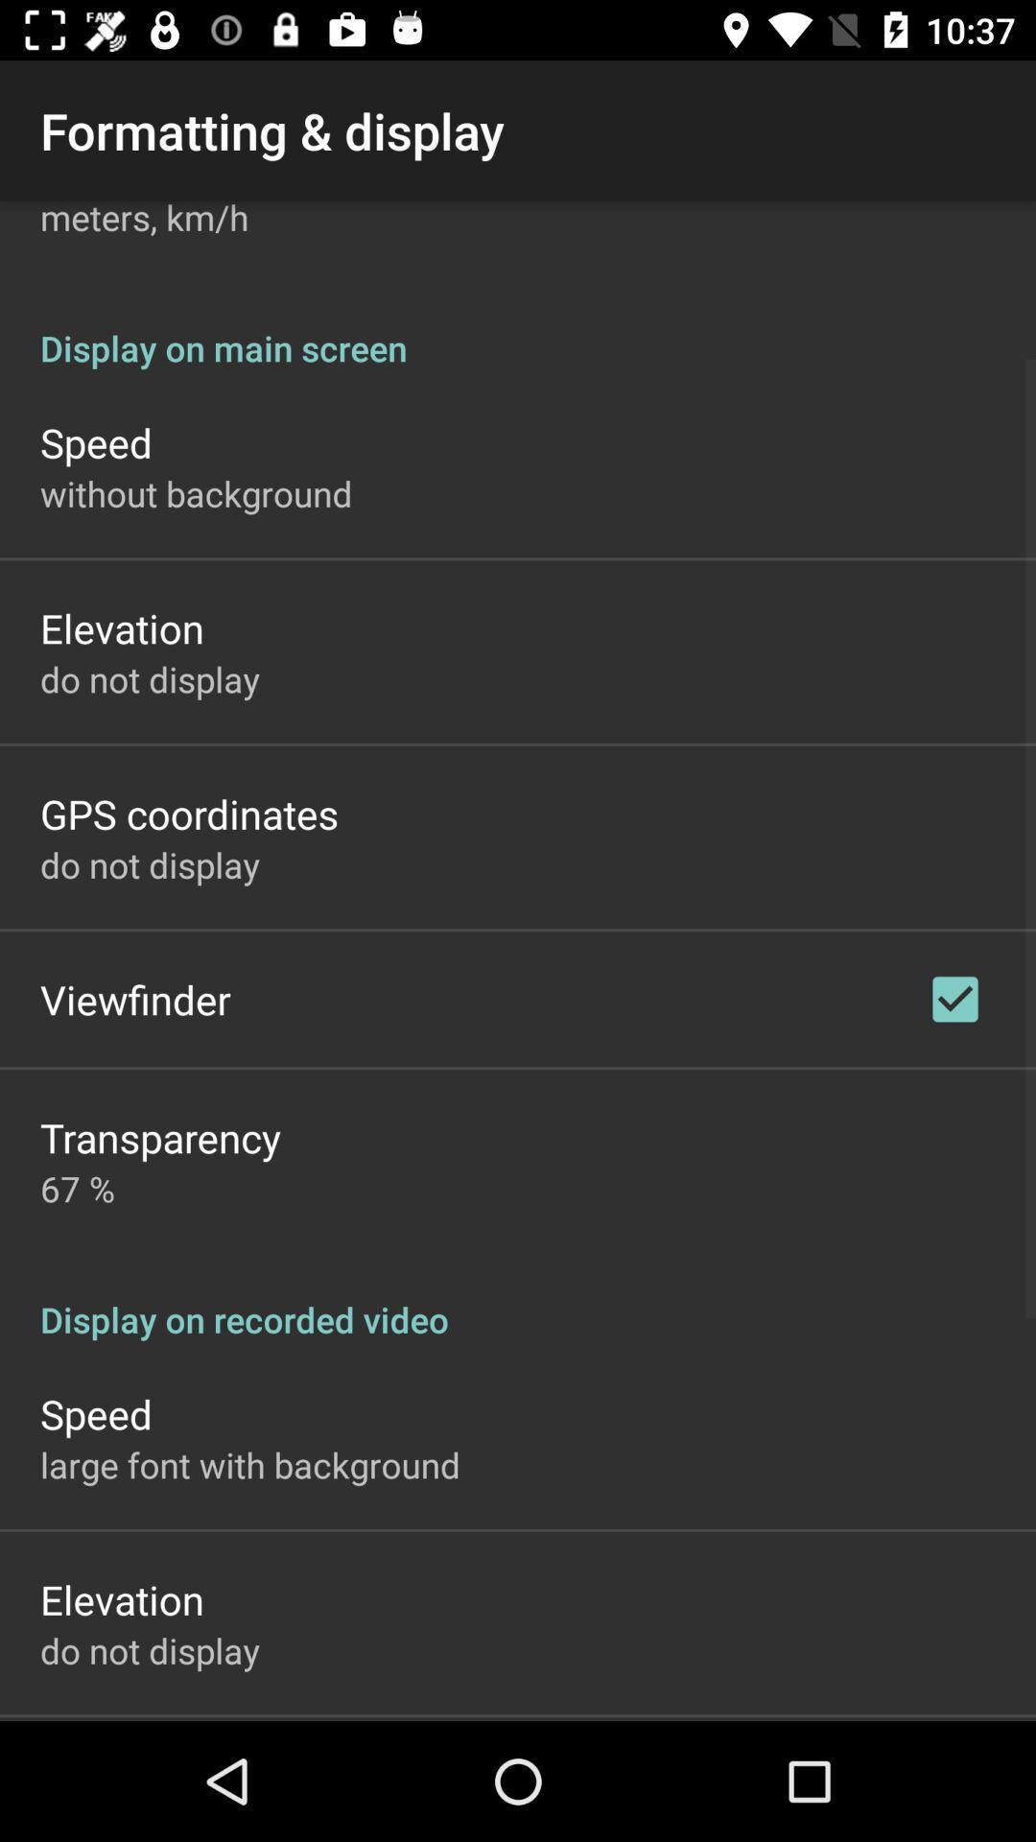 Image resolution: width=1036 pixels, height=1842 pixels. I want to click on app below the display on main, so click(954, 998).